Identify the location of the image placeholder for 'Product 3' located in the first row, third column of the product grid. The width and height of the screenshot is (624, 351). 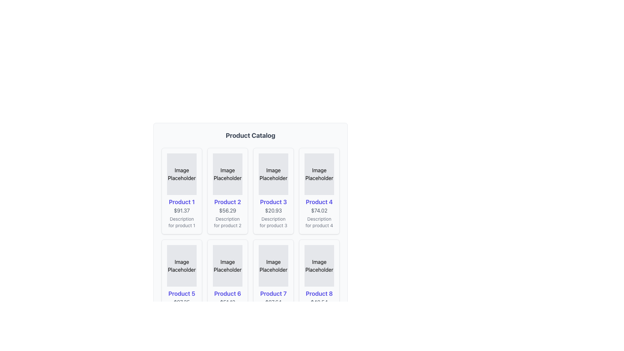
(273, 174).